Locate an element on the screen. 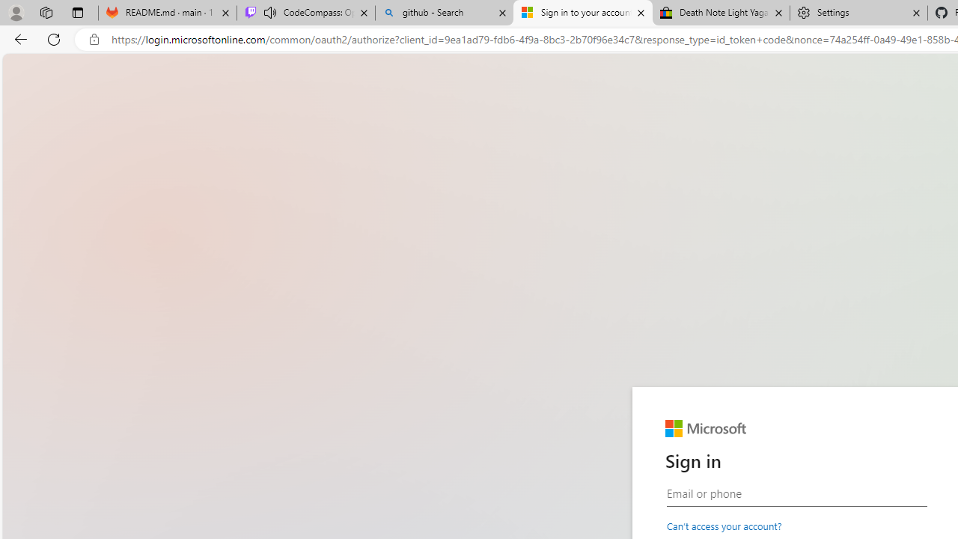 The height and width of the screenshot is (539, 958). 'github - Search' is located at coordinates (443, 13).